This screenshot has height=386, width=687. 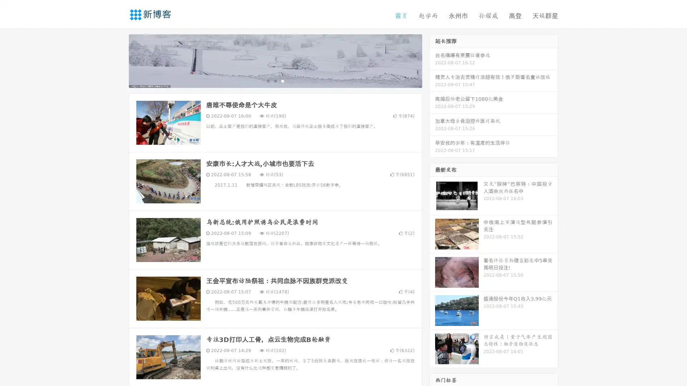 What do you see at coordinates (432, 60) in the screenshot?
I see `Next slide` at bounding box center [432, 60].